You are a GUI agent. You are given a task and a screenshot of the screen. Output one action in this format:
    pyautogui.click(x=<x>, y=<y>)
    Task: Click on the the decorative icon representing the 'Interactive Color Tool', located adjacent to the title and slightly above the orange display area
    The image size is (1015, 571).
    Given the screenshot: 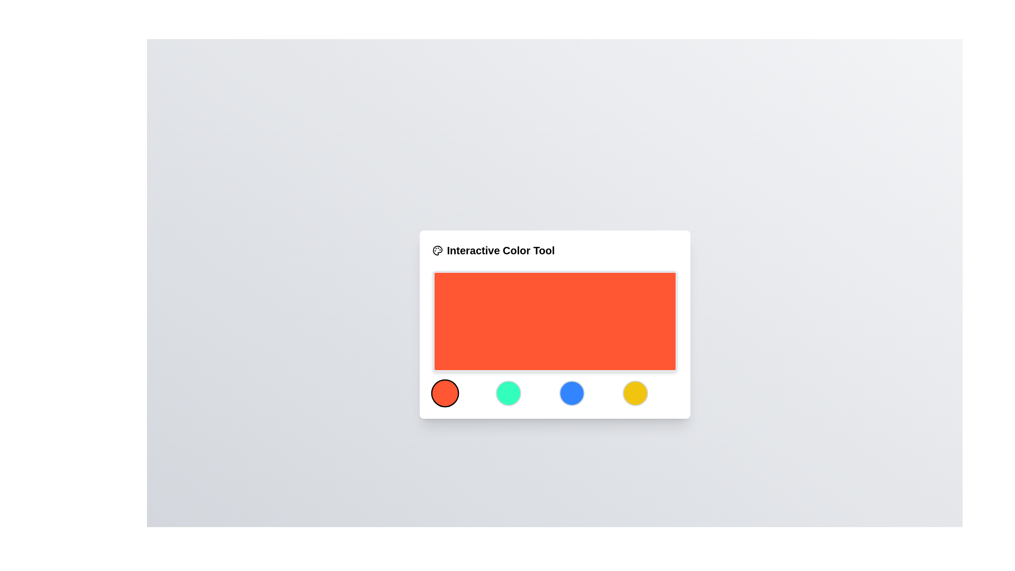 What is the action you would take?
    pyautogui.click(x=437, y=251)
    